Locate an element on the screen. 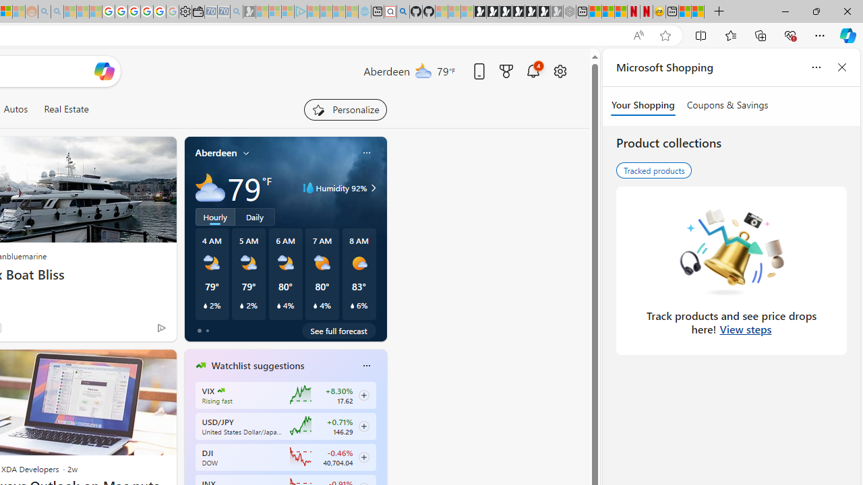 The width and height of the screenshot is (863, 485). 'See full forecast' is located at coordinates (338, 331).